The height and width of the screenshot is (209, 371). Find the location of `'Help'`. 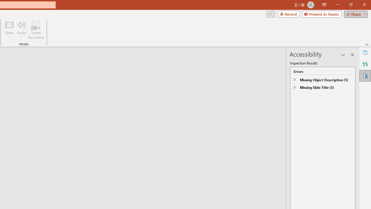

'Help' is located at coordinates (365, 53).